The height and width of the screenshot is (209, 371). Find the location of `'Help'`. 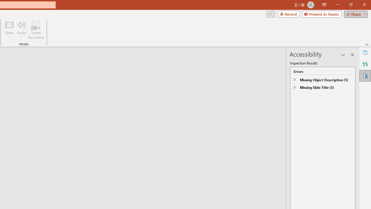

'Help' is located at coordinates (365, 53).